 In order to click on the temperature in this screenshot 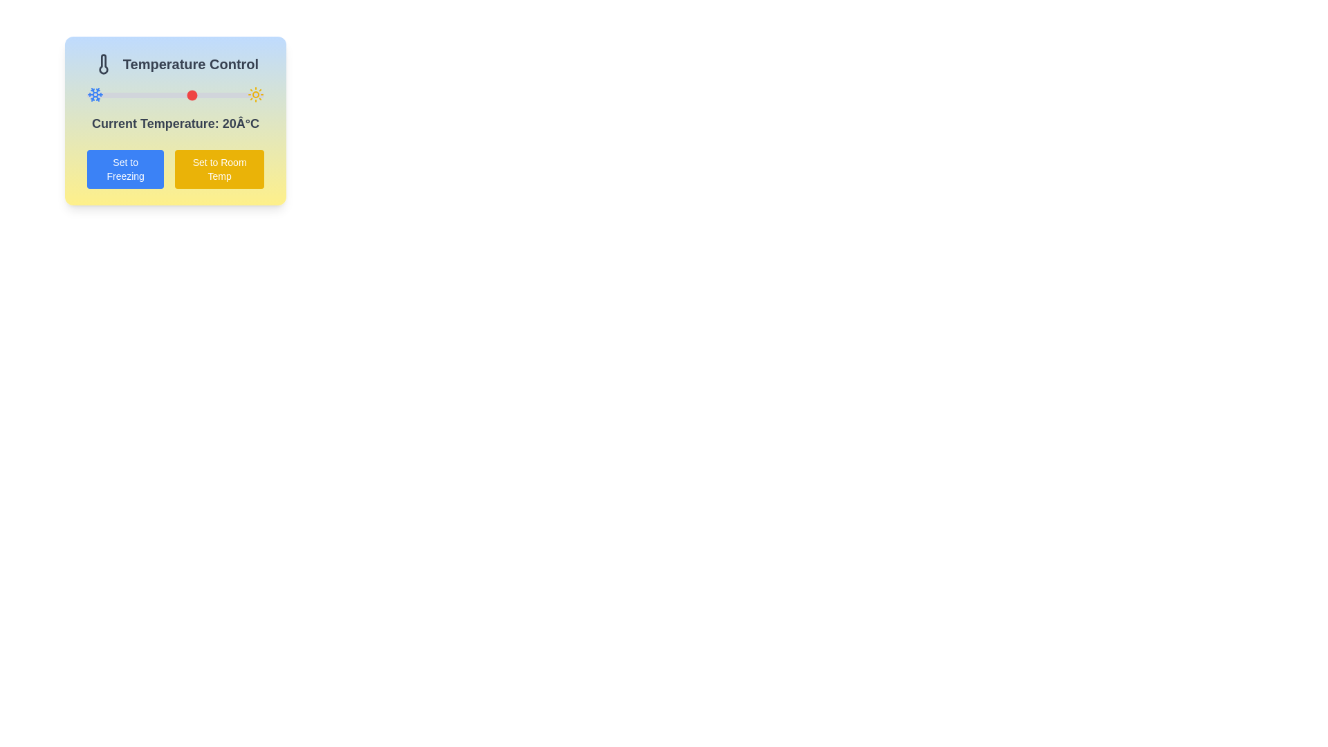, I will do `click(175, 95)`.